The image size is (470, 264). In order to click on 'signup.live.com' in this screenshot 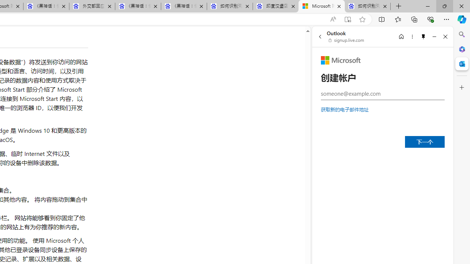, I will do `click(346, 40)`.